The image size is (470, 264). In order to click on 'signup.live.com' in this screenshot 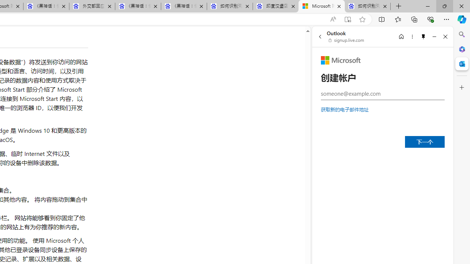, I will do `click(346, 40)`.